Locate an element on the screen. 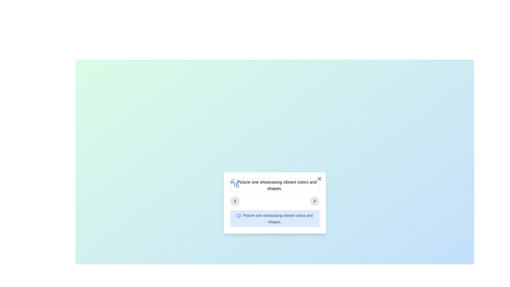  the Decorative SVG shape component located near the upper-left corner of the modal dialog box, part of an icon with smaller paths is located at coordinates (239, 216).